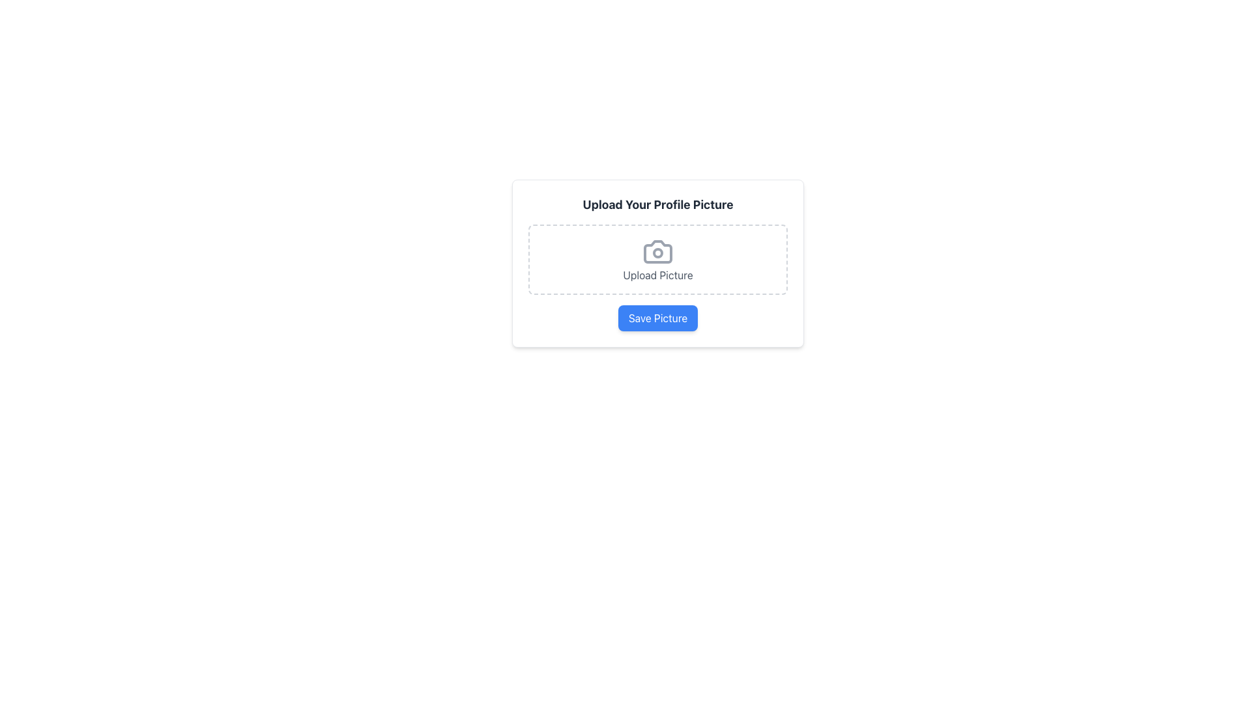 The image size is (1251, 703). Describe the element at coordinates (657, 318) in the screenshot. I see `the 'Save Picture' button with a blue background and white text located at the bottom of the 'Upload Your Profile Picture' section` at that location.